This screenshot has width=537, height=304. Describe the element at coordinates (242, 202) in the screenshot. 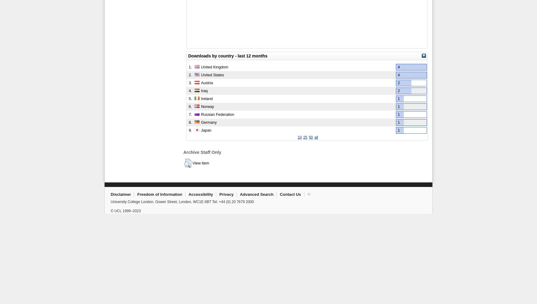

I see `'20 7679 2000'` at that location.